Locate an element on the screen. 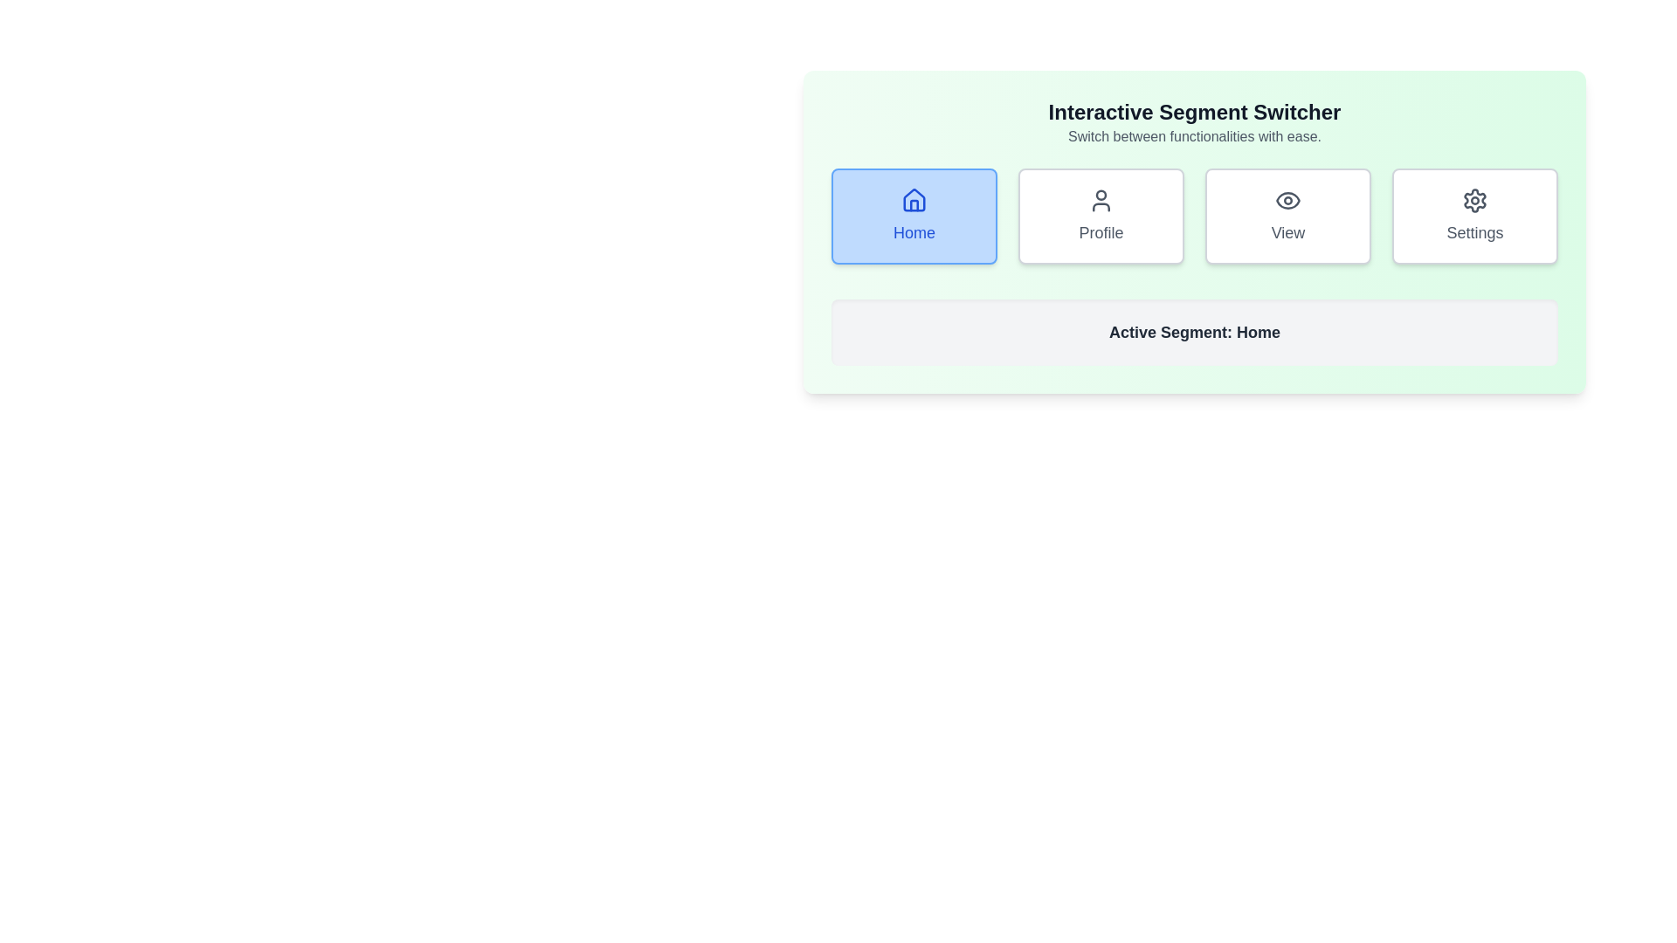 The image size is (1677, 943). circular graphical component that represents the head portion of the user icon in the 'Profile' button, which is the second button from the left in the 'Interactive Segment Switcher' layout, for visual design accuracy is located at coordinates (1101, 195).